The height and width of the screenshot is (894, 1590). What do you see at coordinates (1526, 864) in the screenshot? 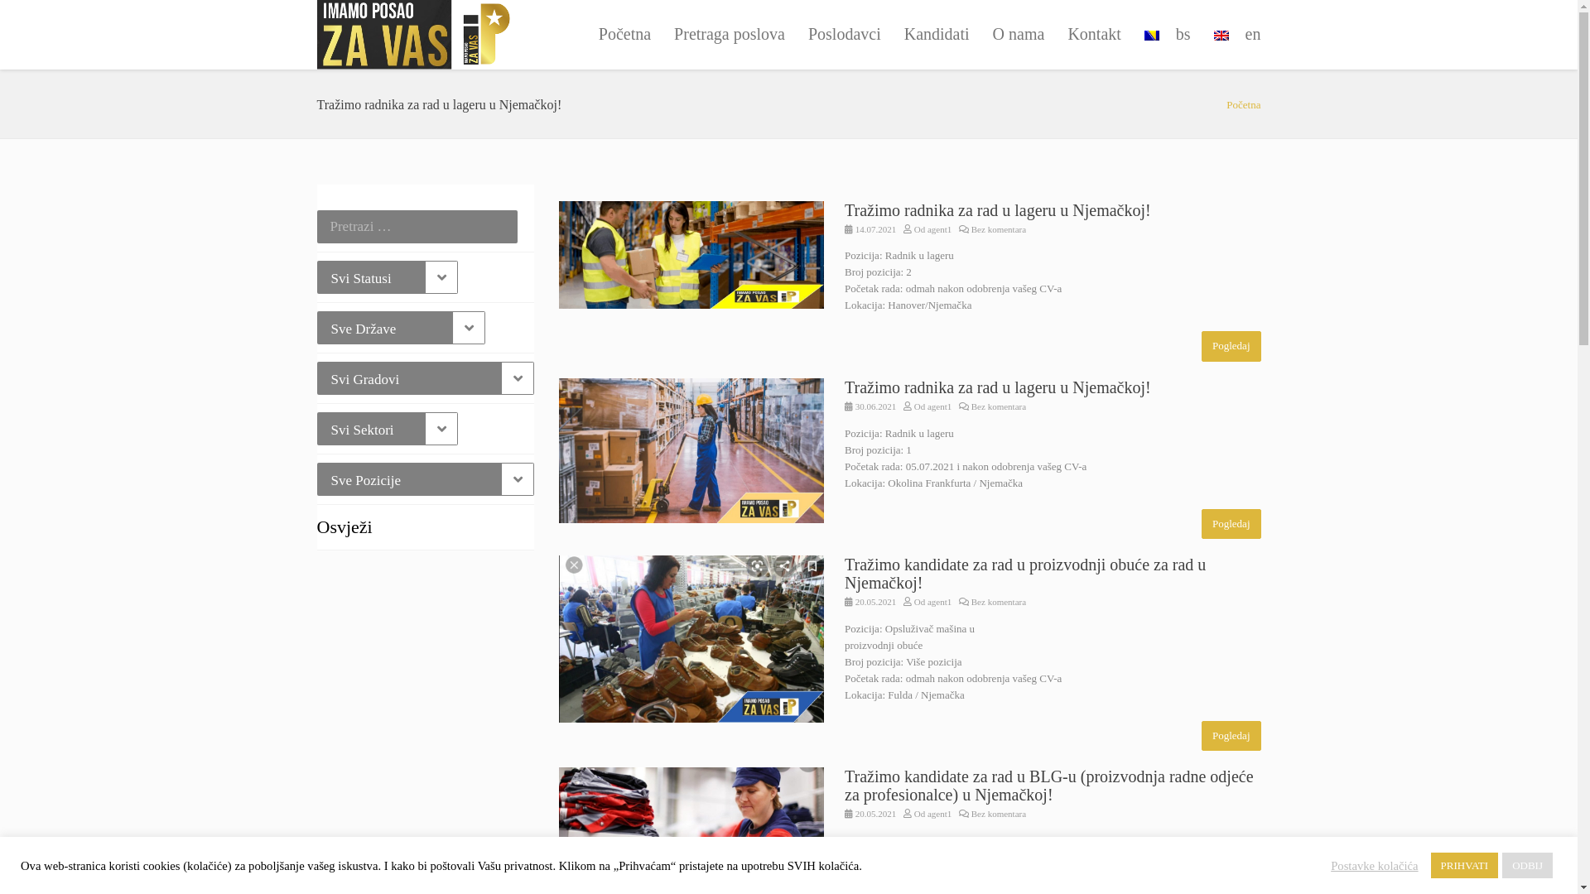
I see `'ODBIJ'` at bounding box center [1526, 864].